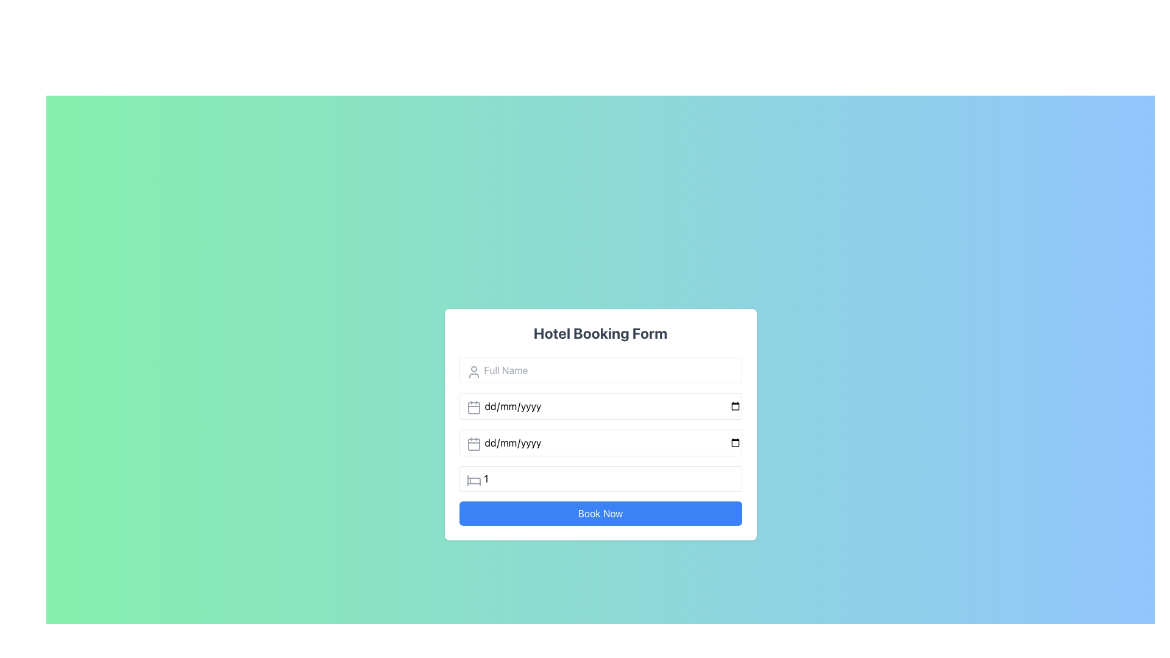 The image size is (1170, 658). I want to click on the calendar icon element, which is styled to resemble a calendar and is located immediately to the left of the date input field displaying 'dd/mm/yyyy', so click(473, 444).